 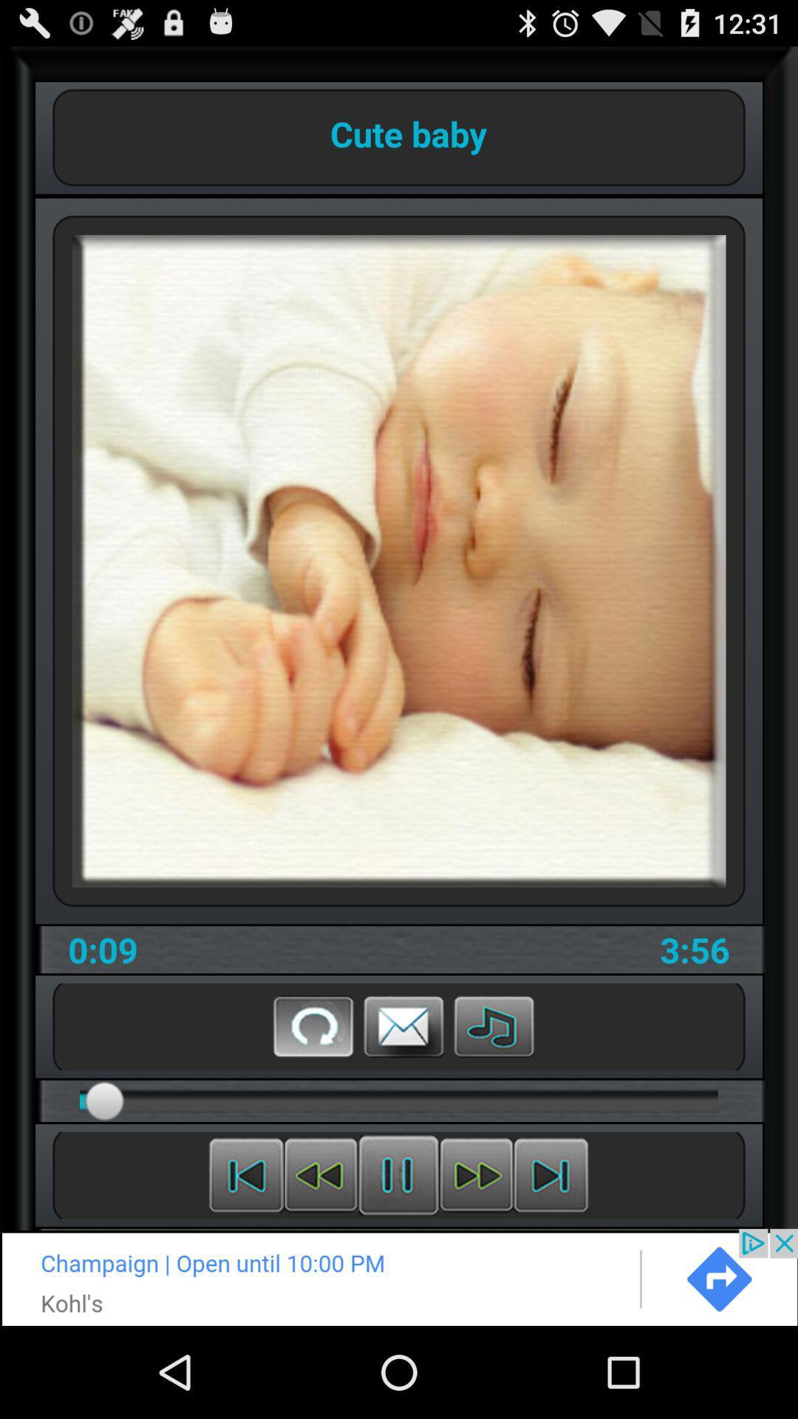 I want to click on the skip_previous icon, so click(x=245, y=1257).